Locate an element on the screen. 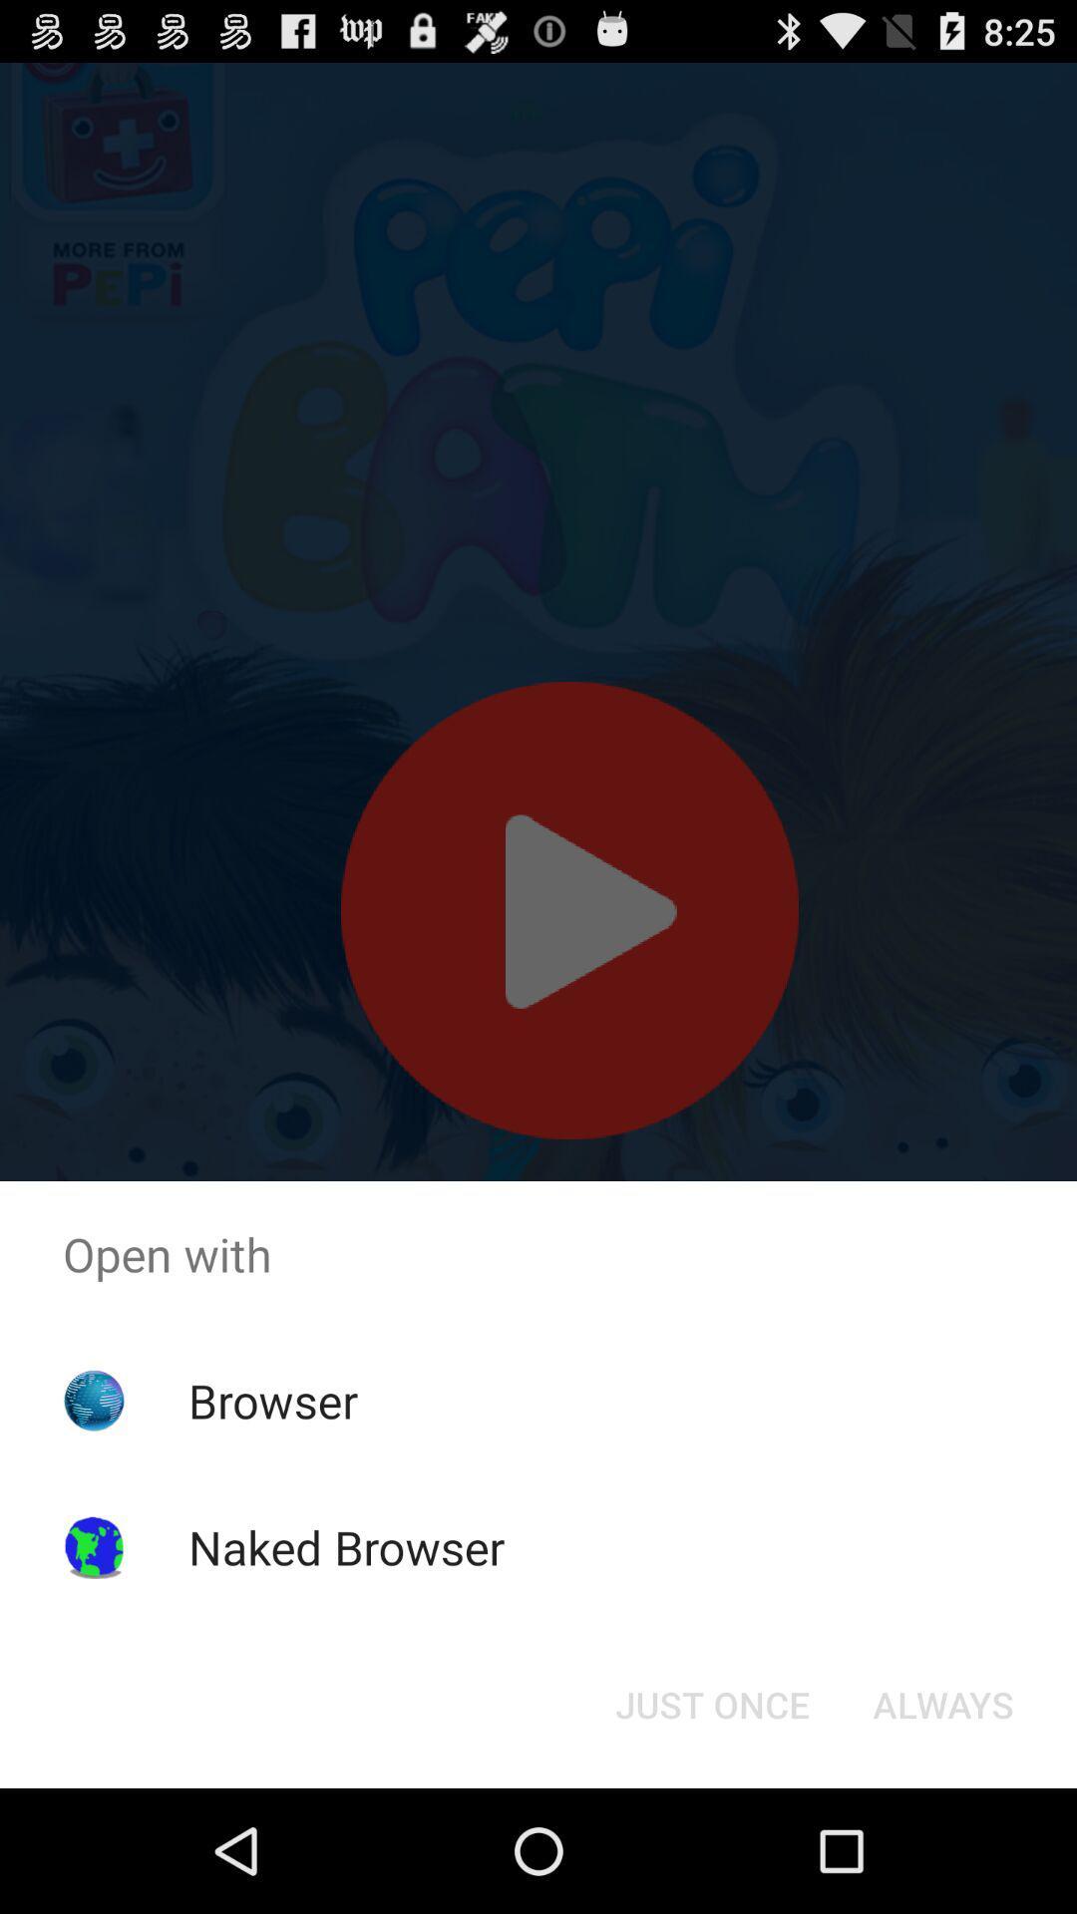  the always is located at coordinates (942, 1703).